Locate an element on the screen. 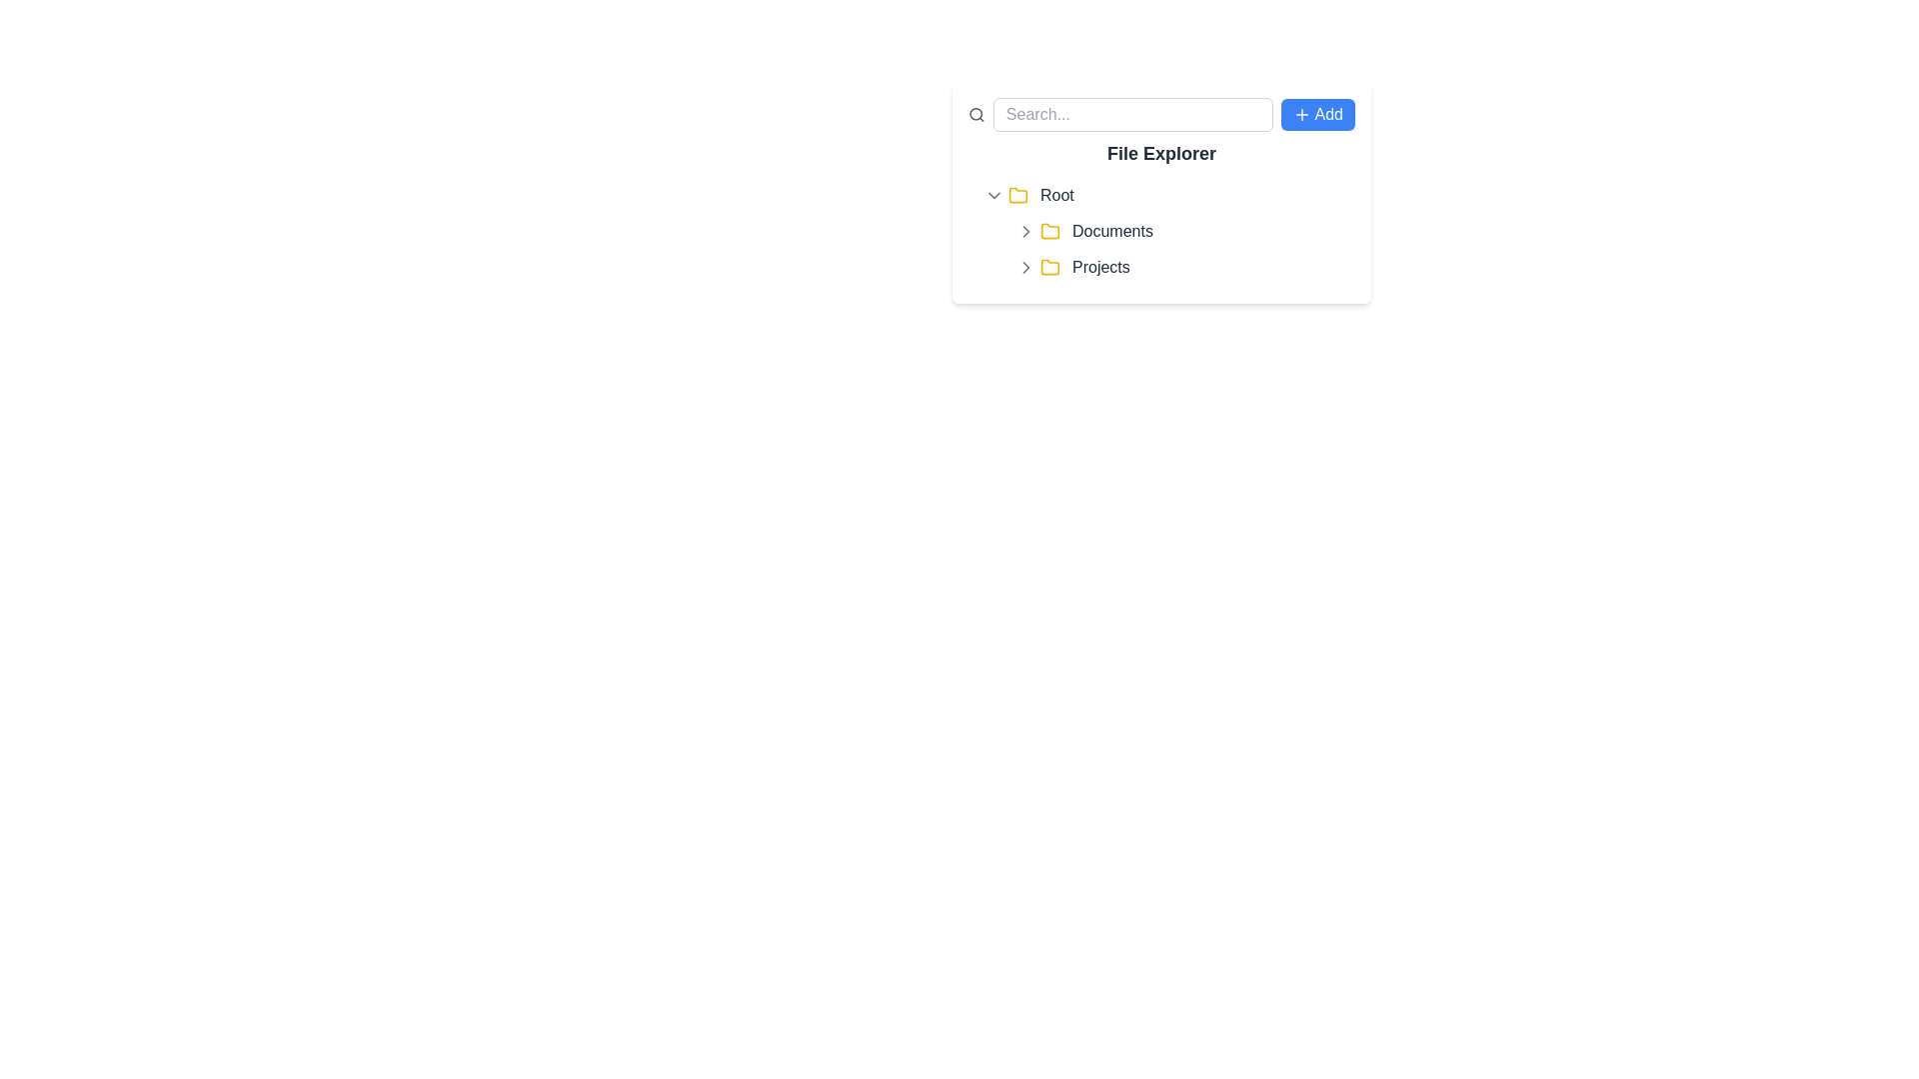 This screenshot has width=1919, height=1079. the yellow folder icon with rounded strokes located to the left of the 'Root' text label is located at coordinates (1017, 196).